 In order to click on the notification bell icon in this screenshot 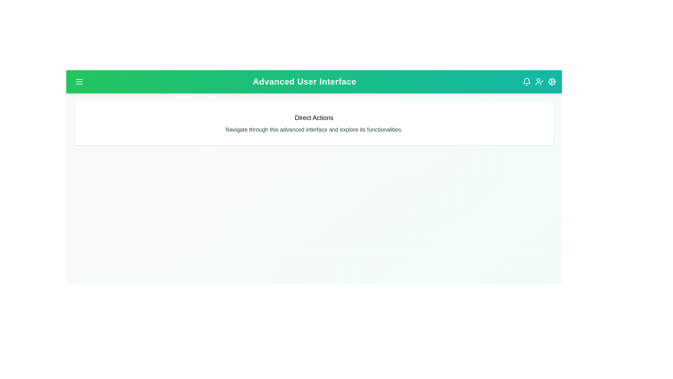, I will do `click(526, 81)`.